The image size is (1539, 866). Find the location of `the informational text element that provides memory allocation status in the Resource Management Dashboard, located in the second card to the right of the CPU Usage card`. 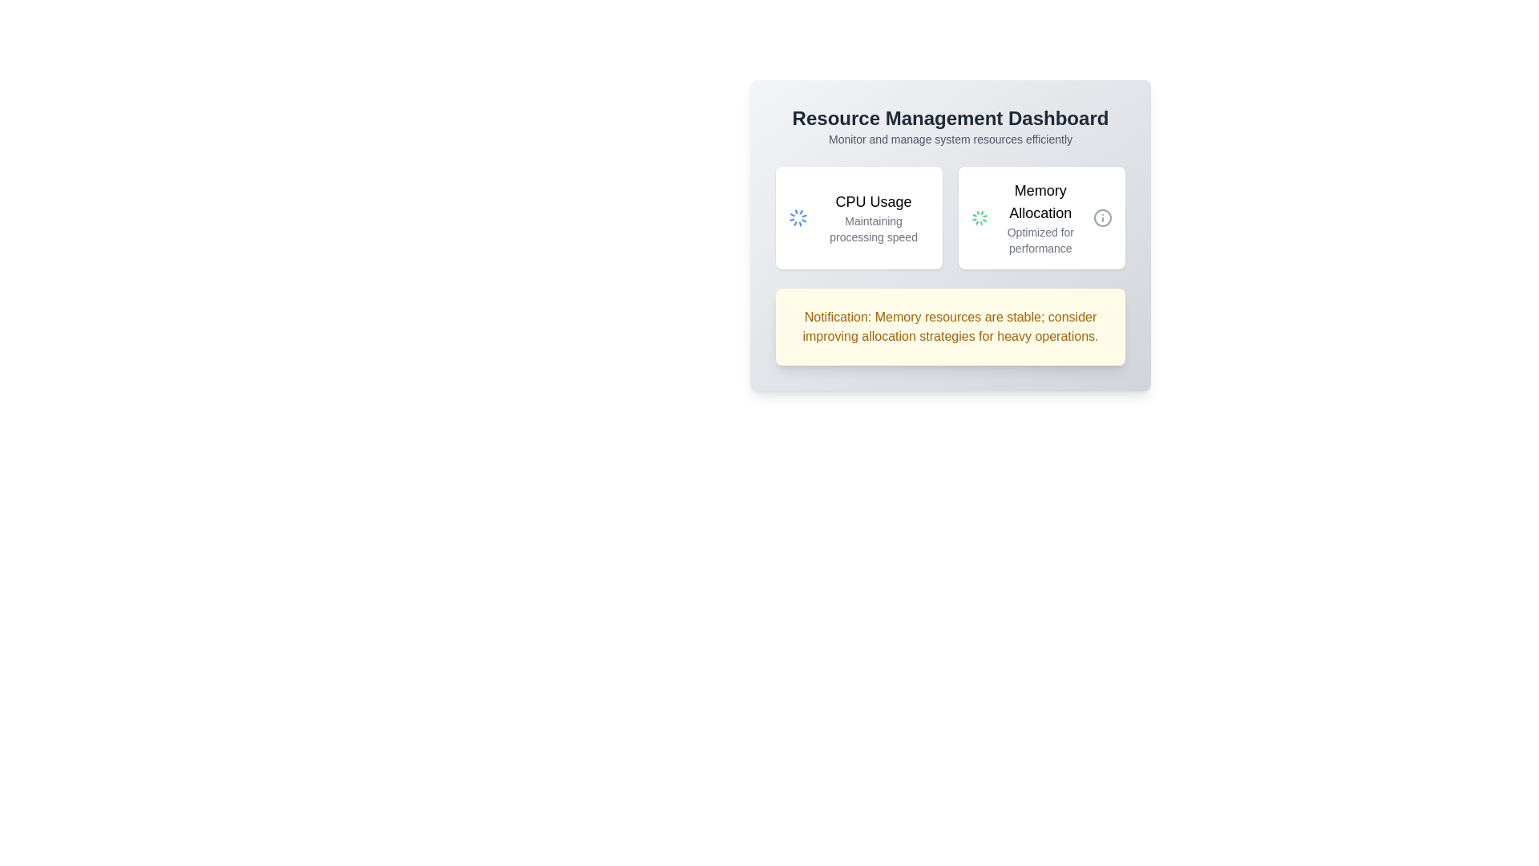

the informational text element that provides memory allocation status in the Resource Management Dashboard, located in the second card to the right of the CPU Usage card is located at coordinates (1040, 218).